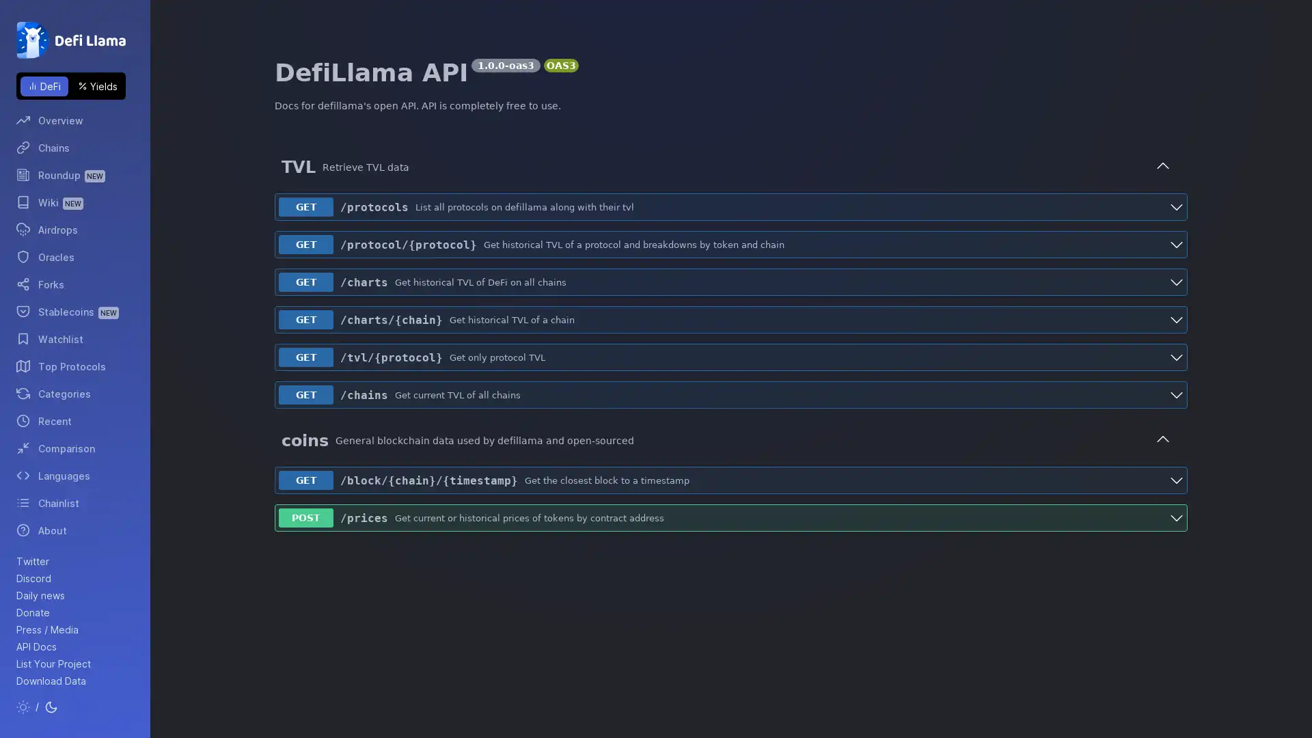 The height and width of the screenshot is (738, 1312). Describe the element at coordinates (730, 281) in the screenshot. I see `get /charts` at that location.